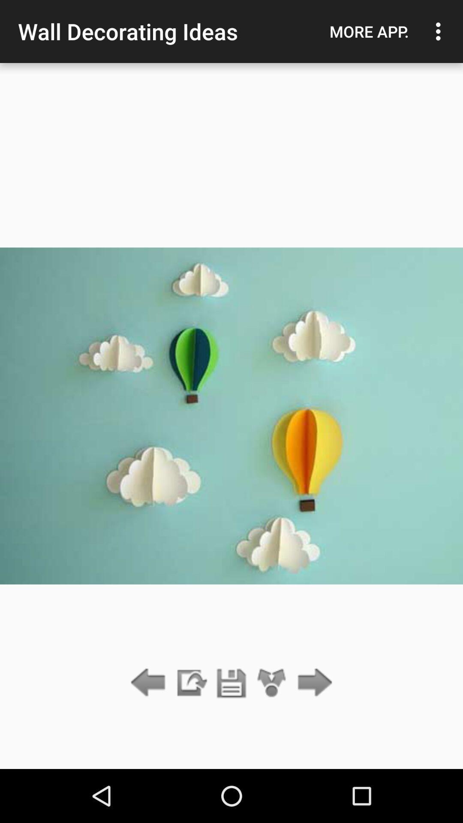 Image resolution: width=463 pixels, height=823 pixels. I want to click on the arrow_forward icon, so click(313, 683).